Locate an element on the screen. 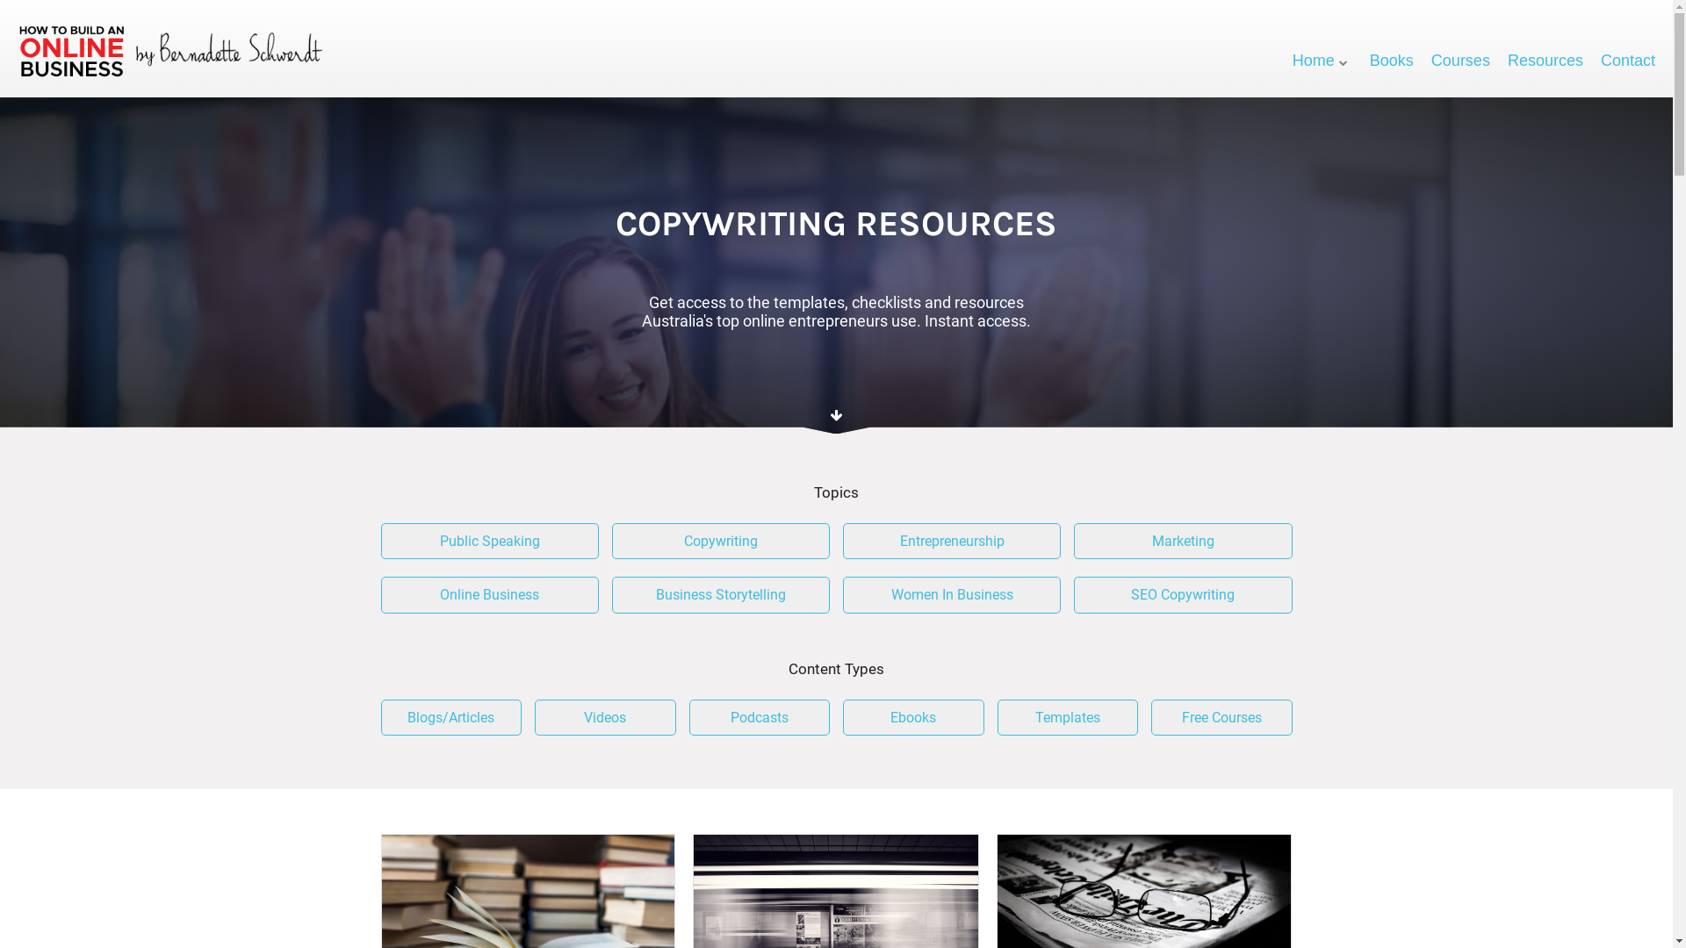 The width and height of the screenshot is (1686, 948). 'Marketing' is located at coordinates (1183, 541).